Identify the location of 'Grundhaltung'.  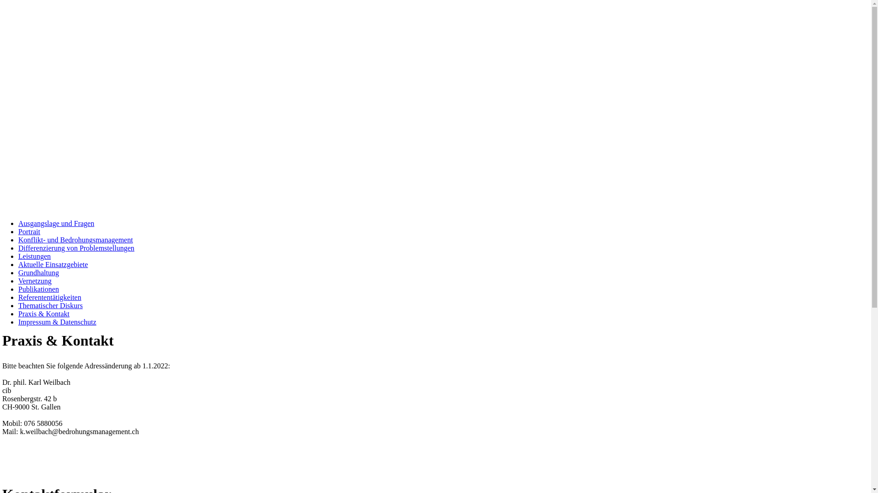
(38, 272).